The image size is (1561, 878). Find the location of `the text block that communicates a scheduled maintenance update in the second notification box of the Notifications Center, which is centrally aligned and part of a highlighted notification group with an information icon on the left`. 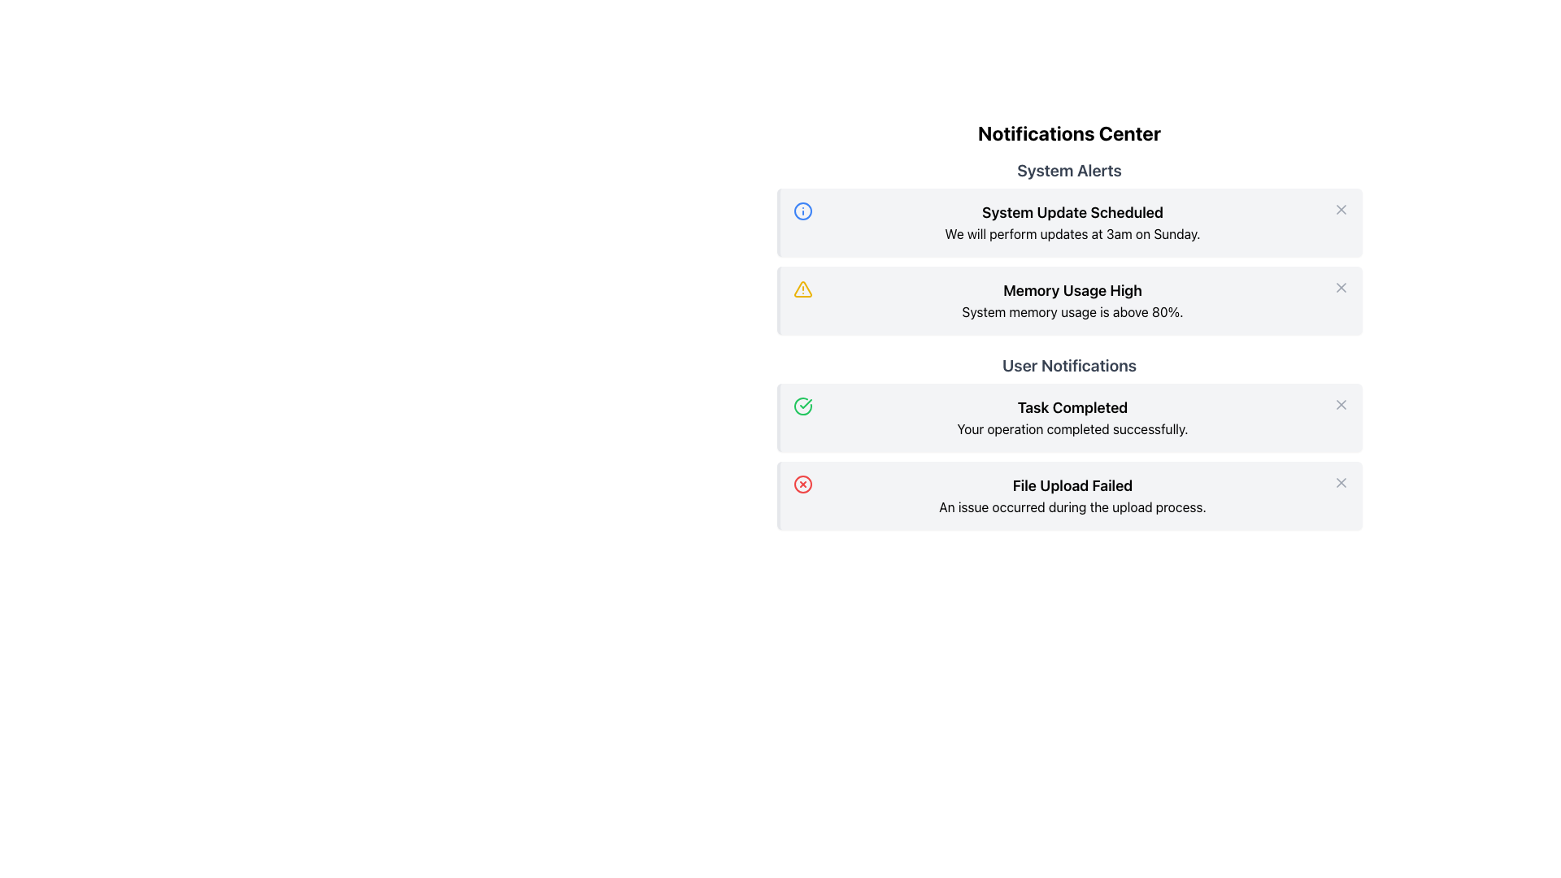

the text block that communicates a scheduled maintenance update in the second notification box of the Notifications Center, which is centrally aligned and part of a highlighted notification group with an information icon on the left is located at coordinates (1072, 222).